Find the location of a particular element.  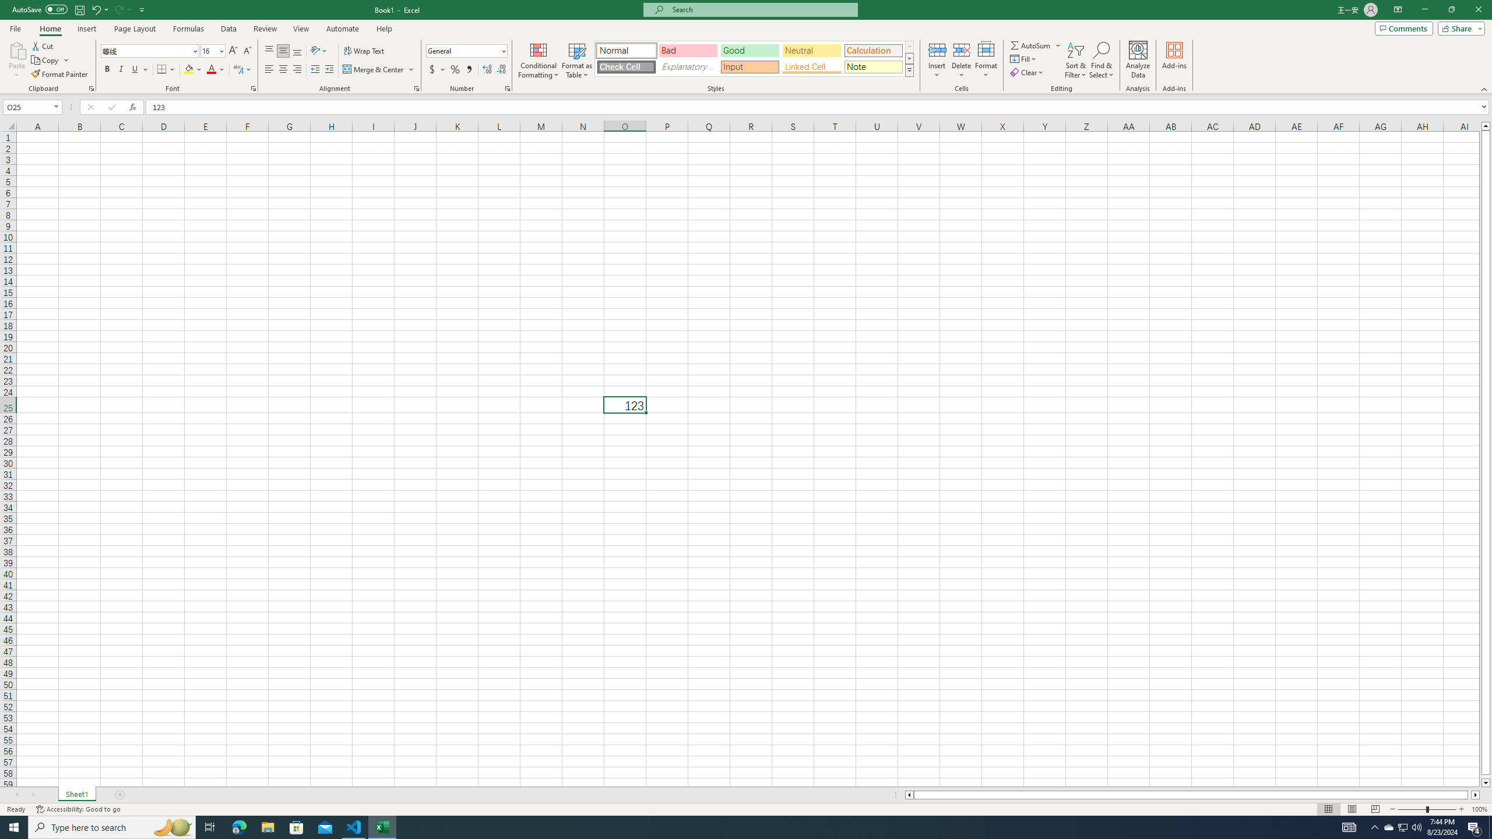

'Delete' is located at coordinates (960, 60).